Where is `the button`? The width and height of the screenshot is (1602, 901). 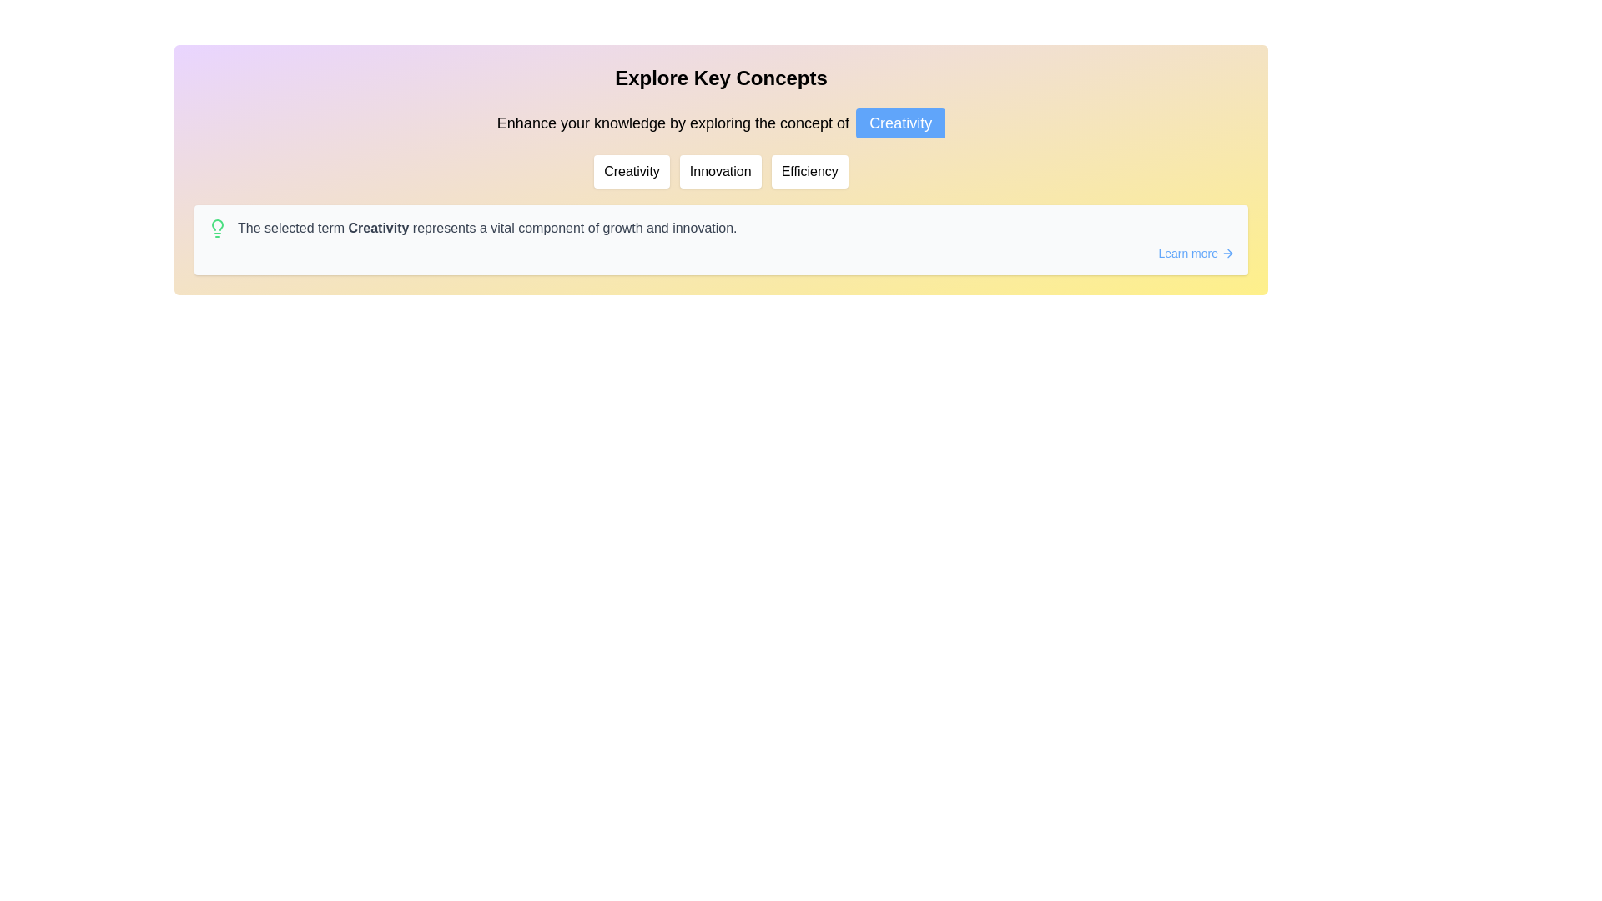
the button is located at coordinates (899, 122).